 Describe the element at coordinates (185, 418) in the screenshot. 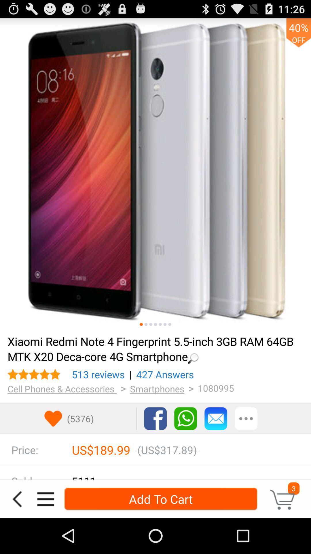

I see `whatswapp` at that location.